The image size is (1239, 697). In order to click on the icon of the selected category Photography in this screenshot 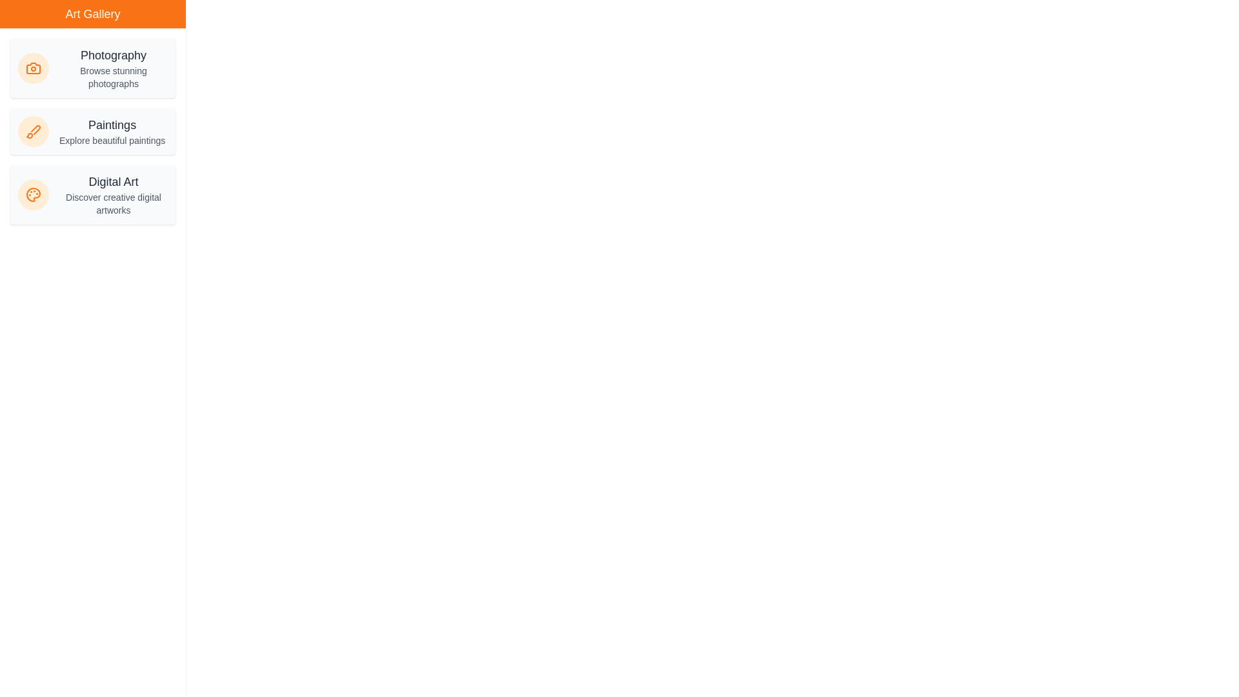, I will do `click(34, 68)`.